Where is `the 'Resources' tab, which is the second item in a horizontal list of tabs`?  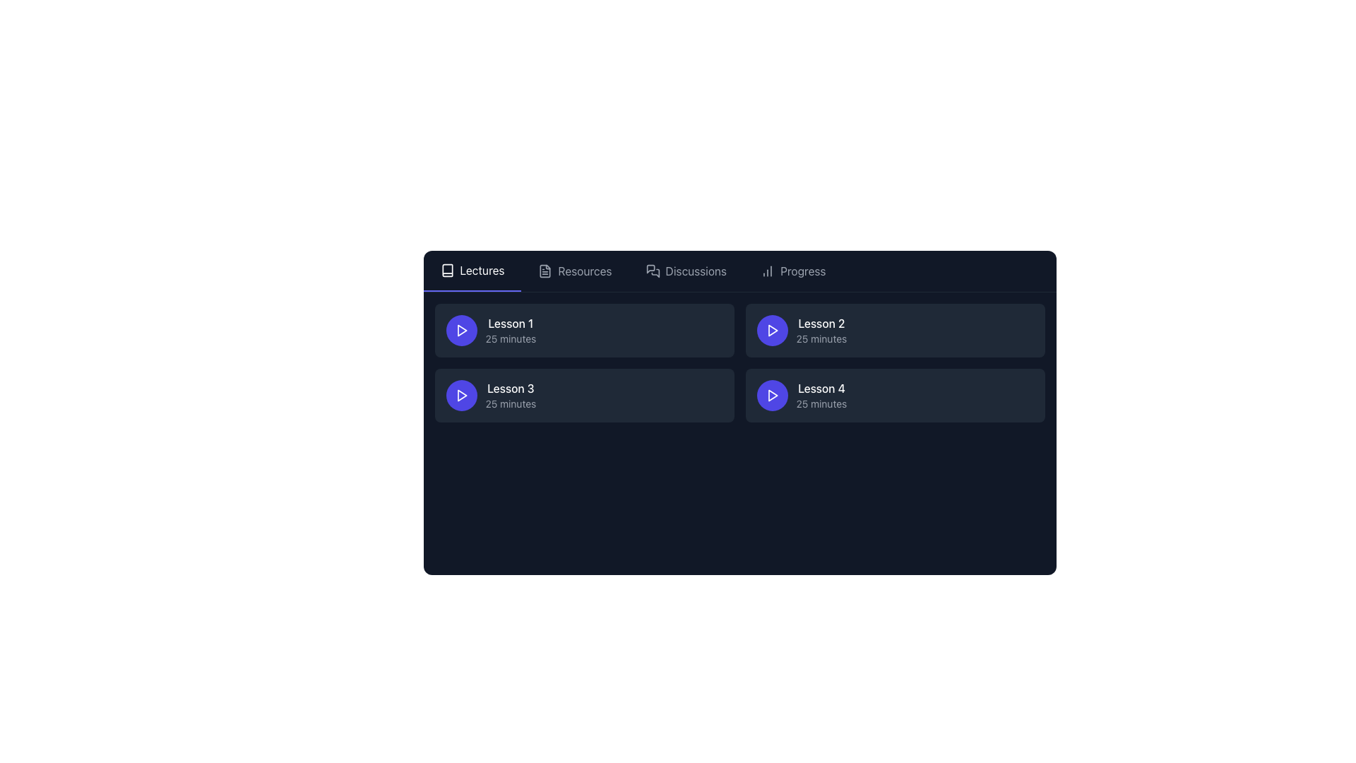 the 'Resources' tab, which is the second item in a horizontal list of tabs is located at coordinates (575, 271).